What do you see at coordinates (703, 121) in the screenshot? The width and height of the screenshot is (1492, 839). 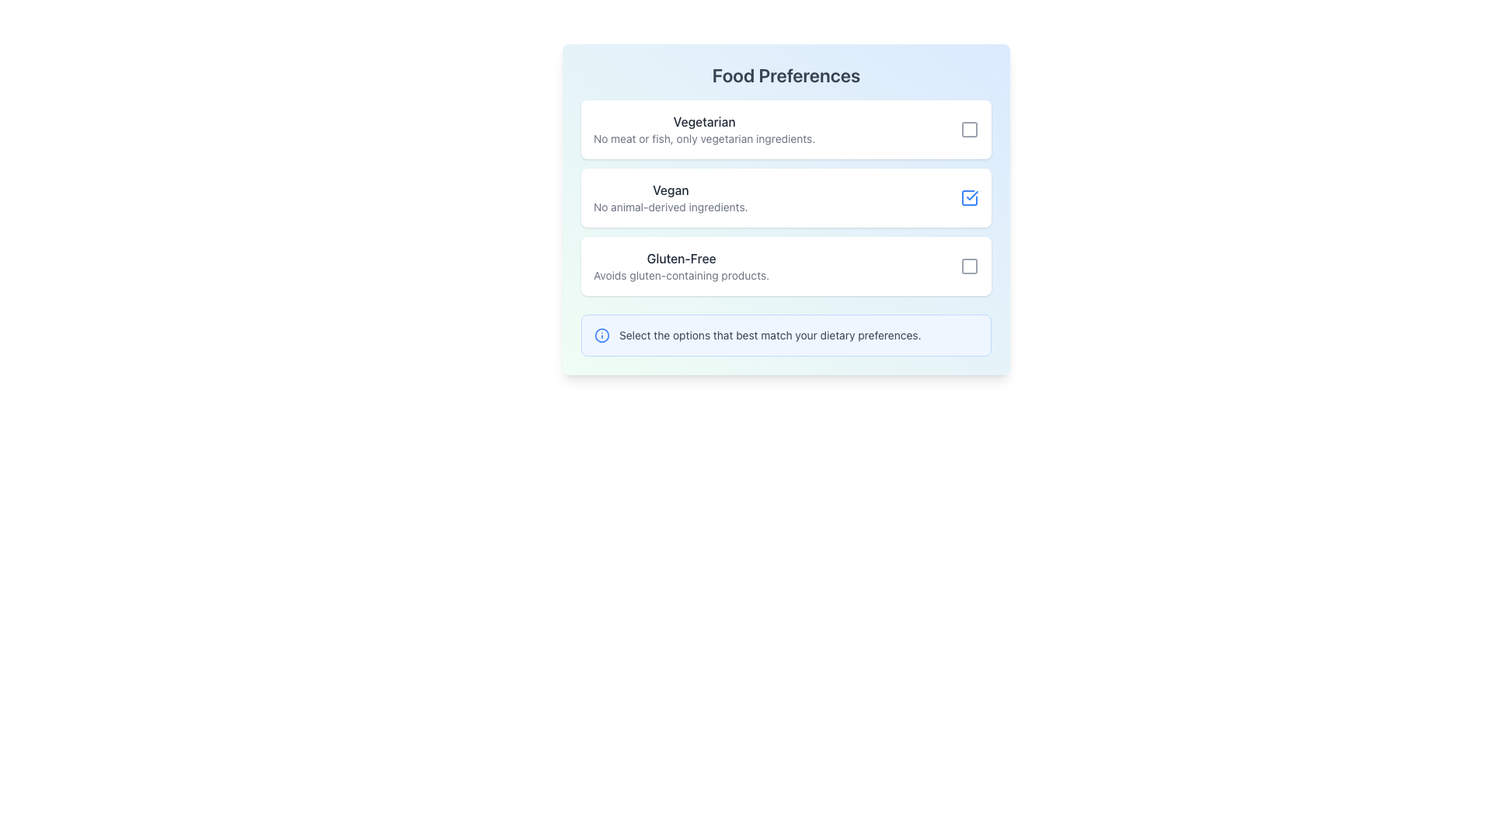 I see `the 'Vegetarian' dietary preference title text label located at the upper part of the interface, above the description 'No meat or fish, only vegetarian ingredients.'` at bounding box center [703, 121].